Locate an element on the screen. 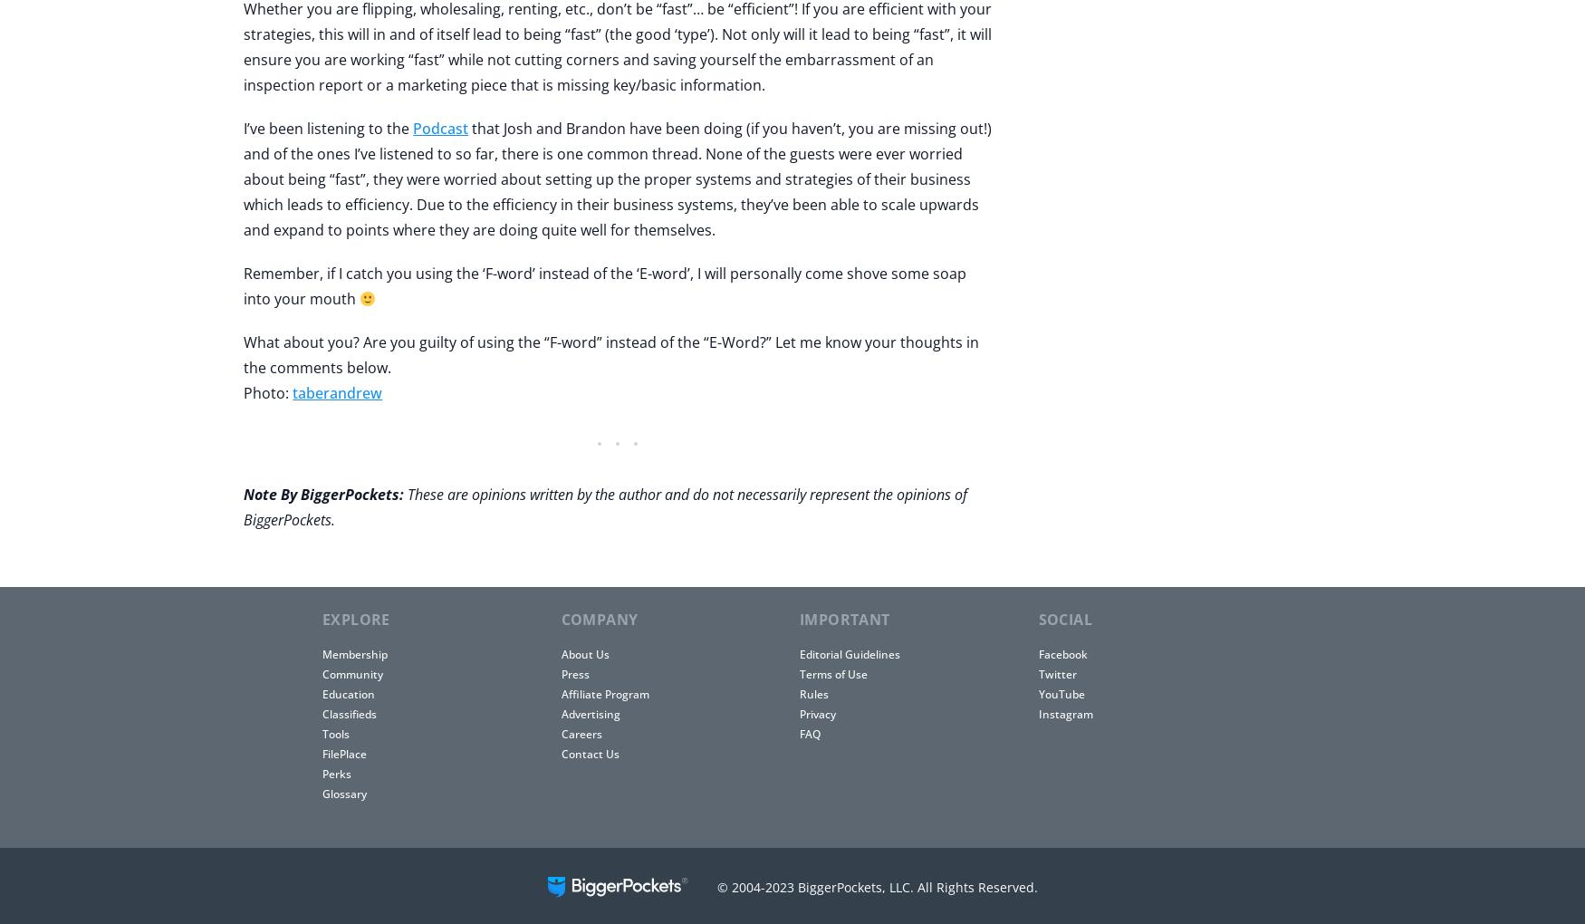 The height and width of the screenshot is (924, 1585). 'These are opinions written by the author and do not necessarily represent the opinions of BiggerPockets.' is located at coordinates (604, 506).